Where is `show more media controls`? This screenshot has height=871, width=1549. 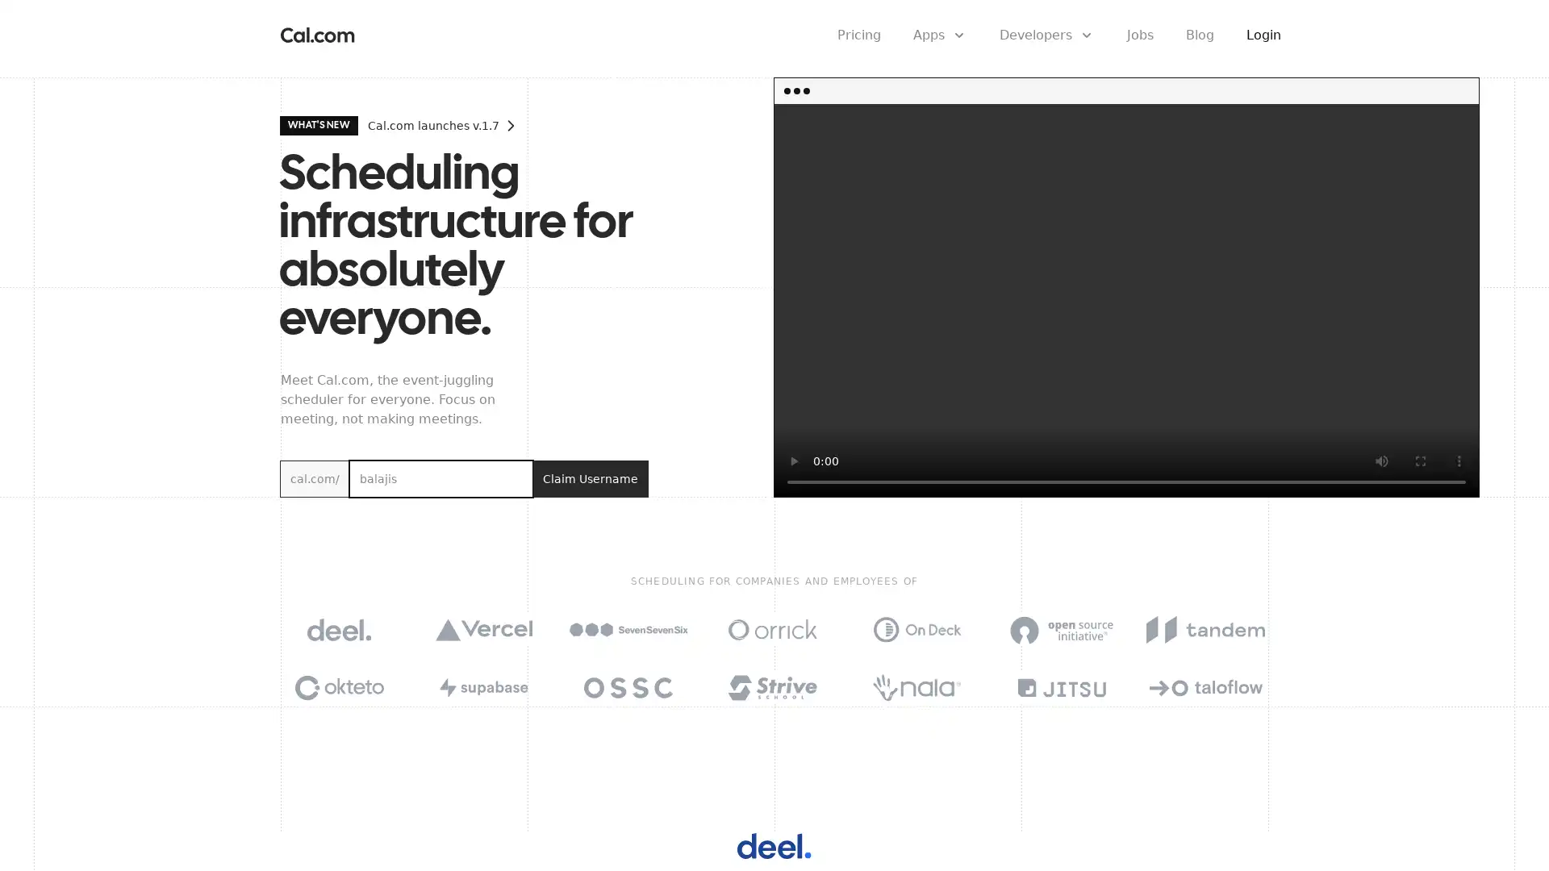 show more media controls is located at coordinates (1459, 461).